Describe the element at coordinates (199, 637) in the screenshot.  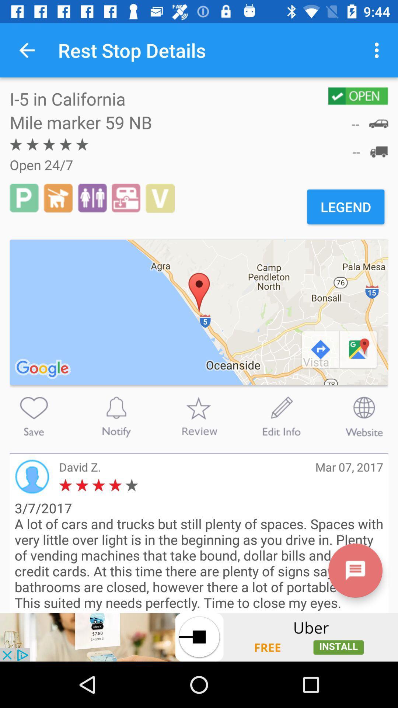
I see `advatisment` at that location.